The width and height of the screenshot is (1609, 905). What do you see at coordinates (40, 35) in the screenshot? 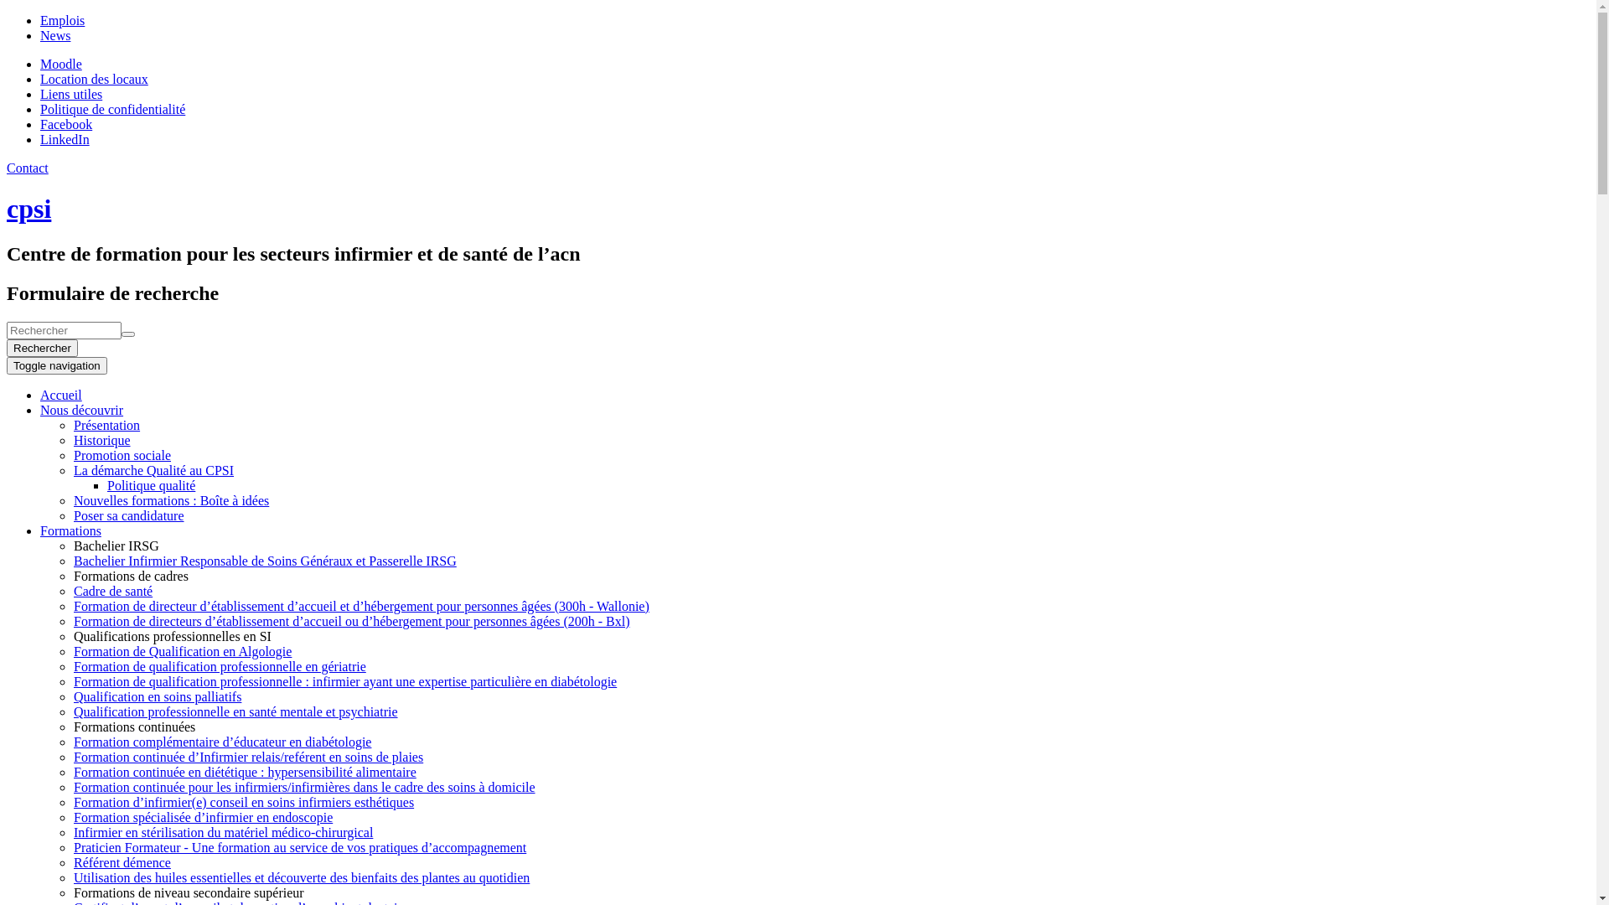
I see `'News'` at bounding box center [40, 35].